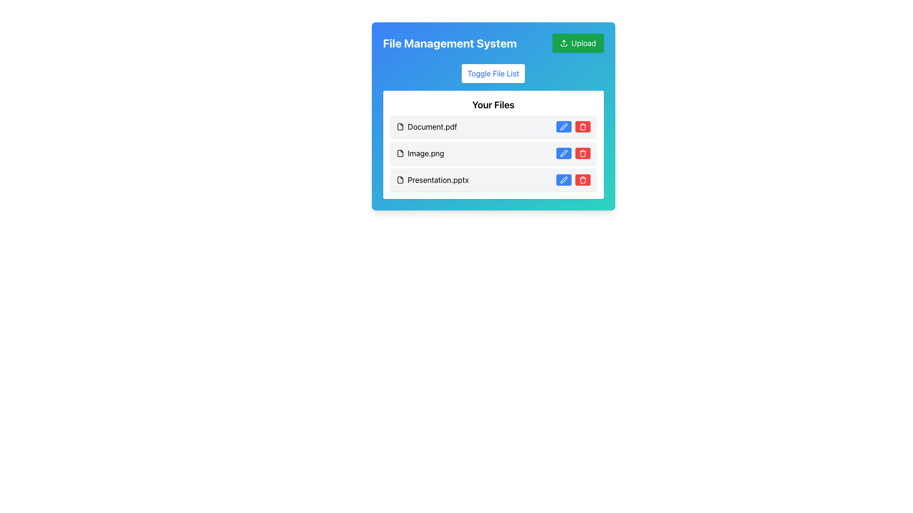  What do you see at coordinates (573, 126) in the screenshot?
I see `the blue pen button in the button group for the file 'Document.pdf' to initiate the pen action` at bounding box center [573, 126].